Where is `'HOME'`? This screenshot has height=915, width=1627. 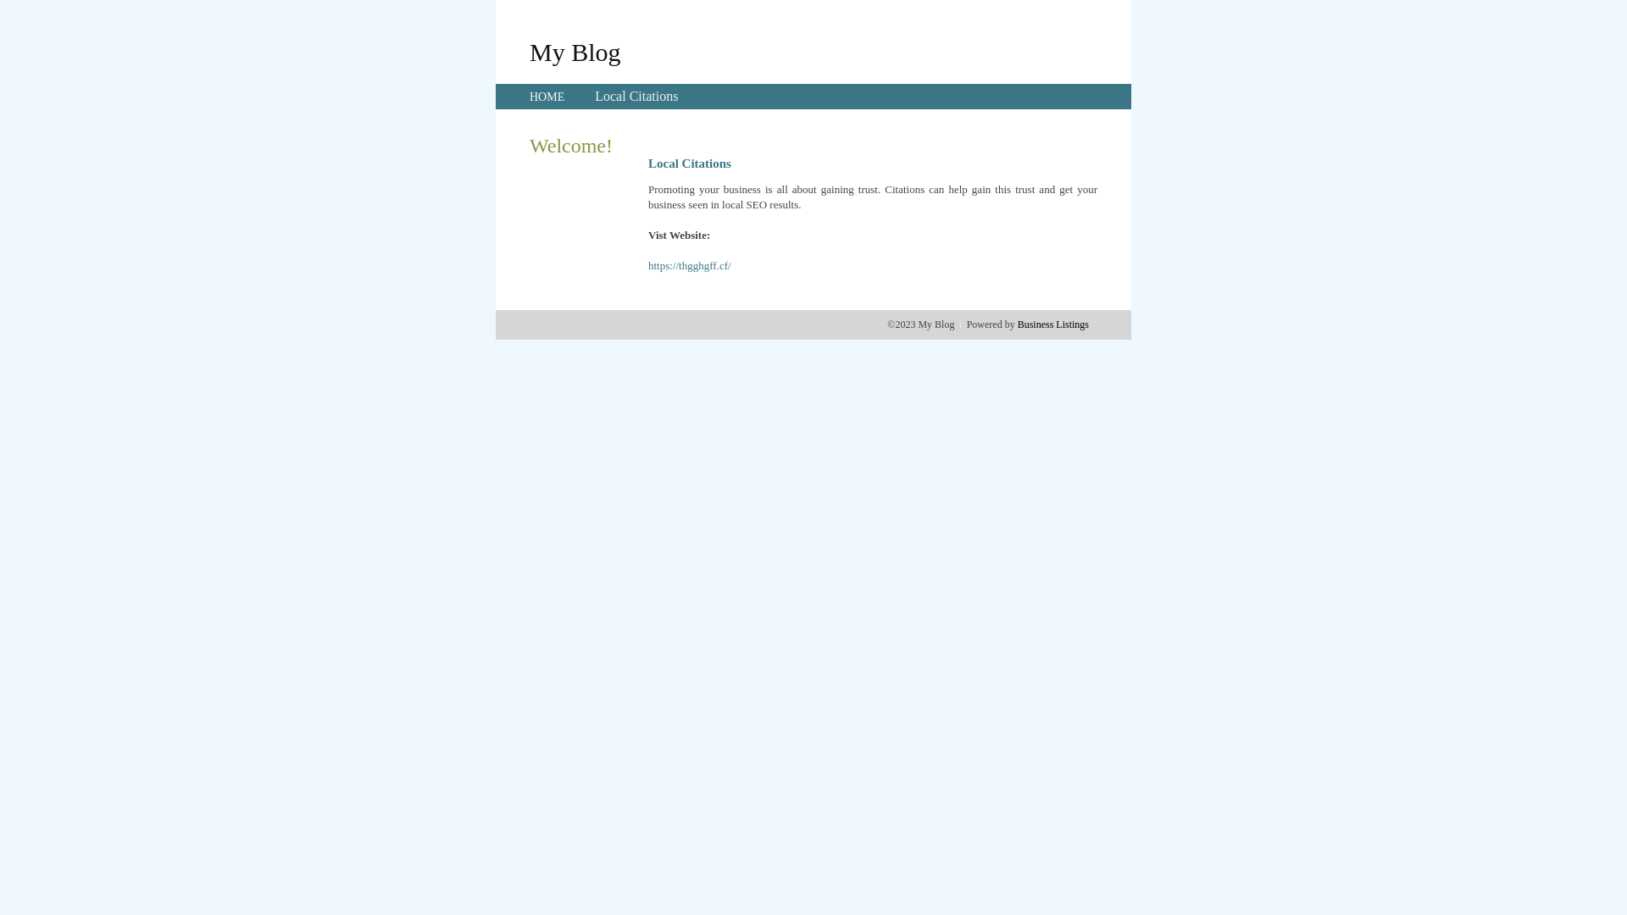
'HOME' is located at coordinates (547, 97).